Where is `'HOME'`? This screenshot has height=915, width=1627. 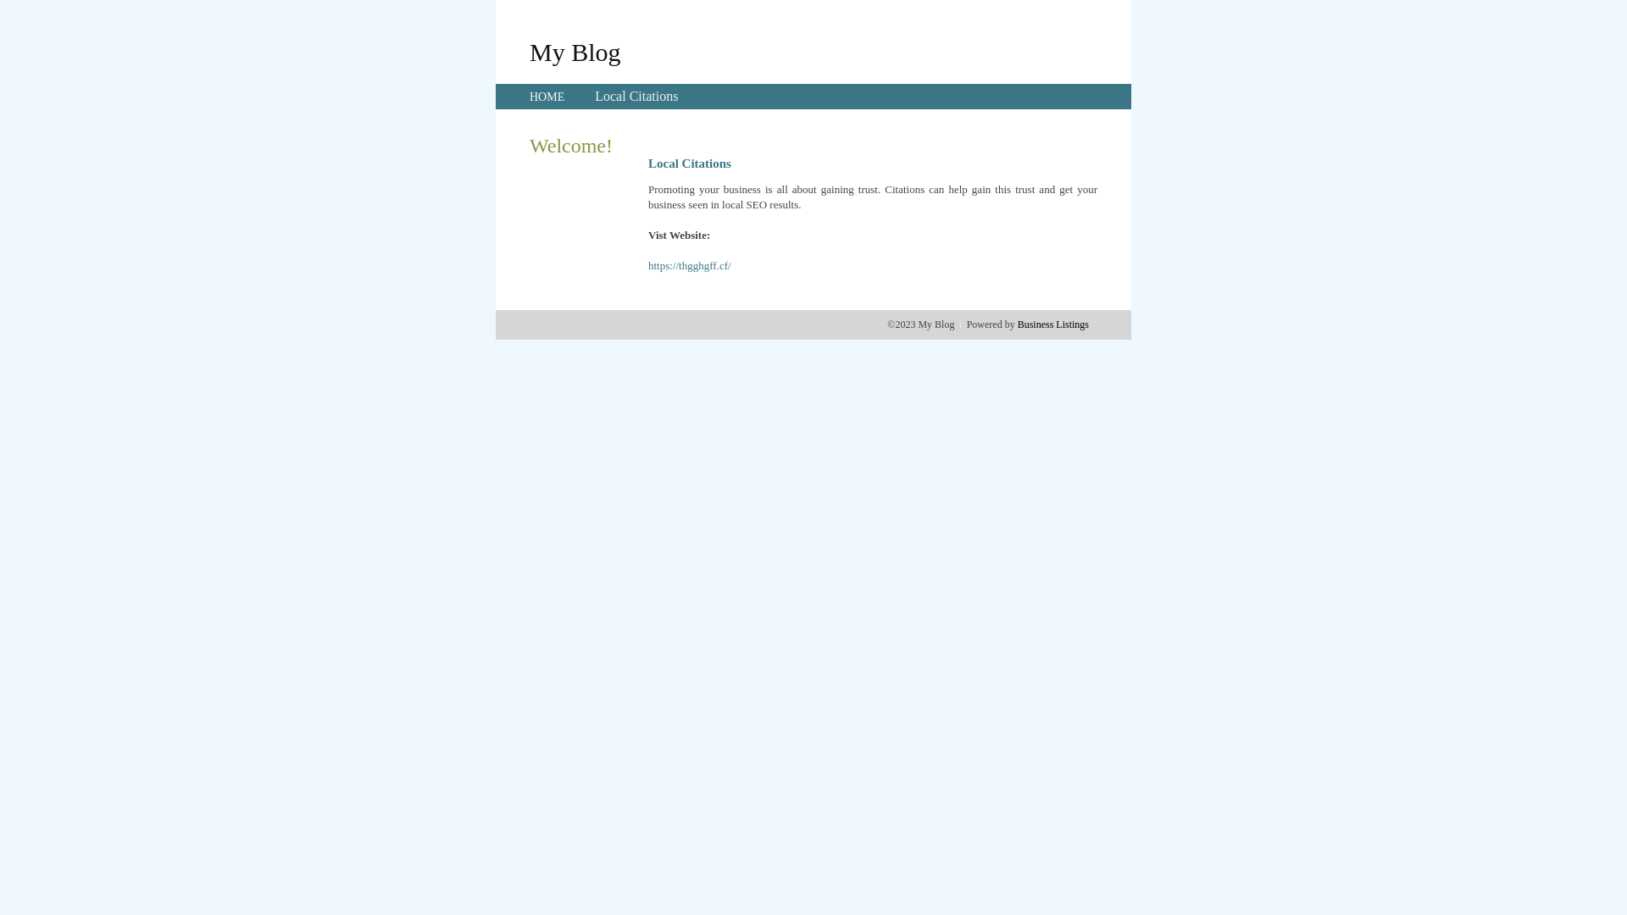
'HOME' is located at coordinates (547, 97).